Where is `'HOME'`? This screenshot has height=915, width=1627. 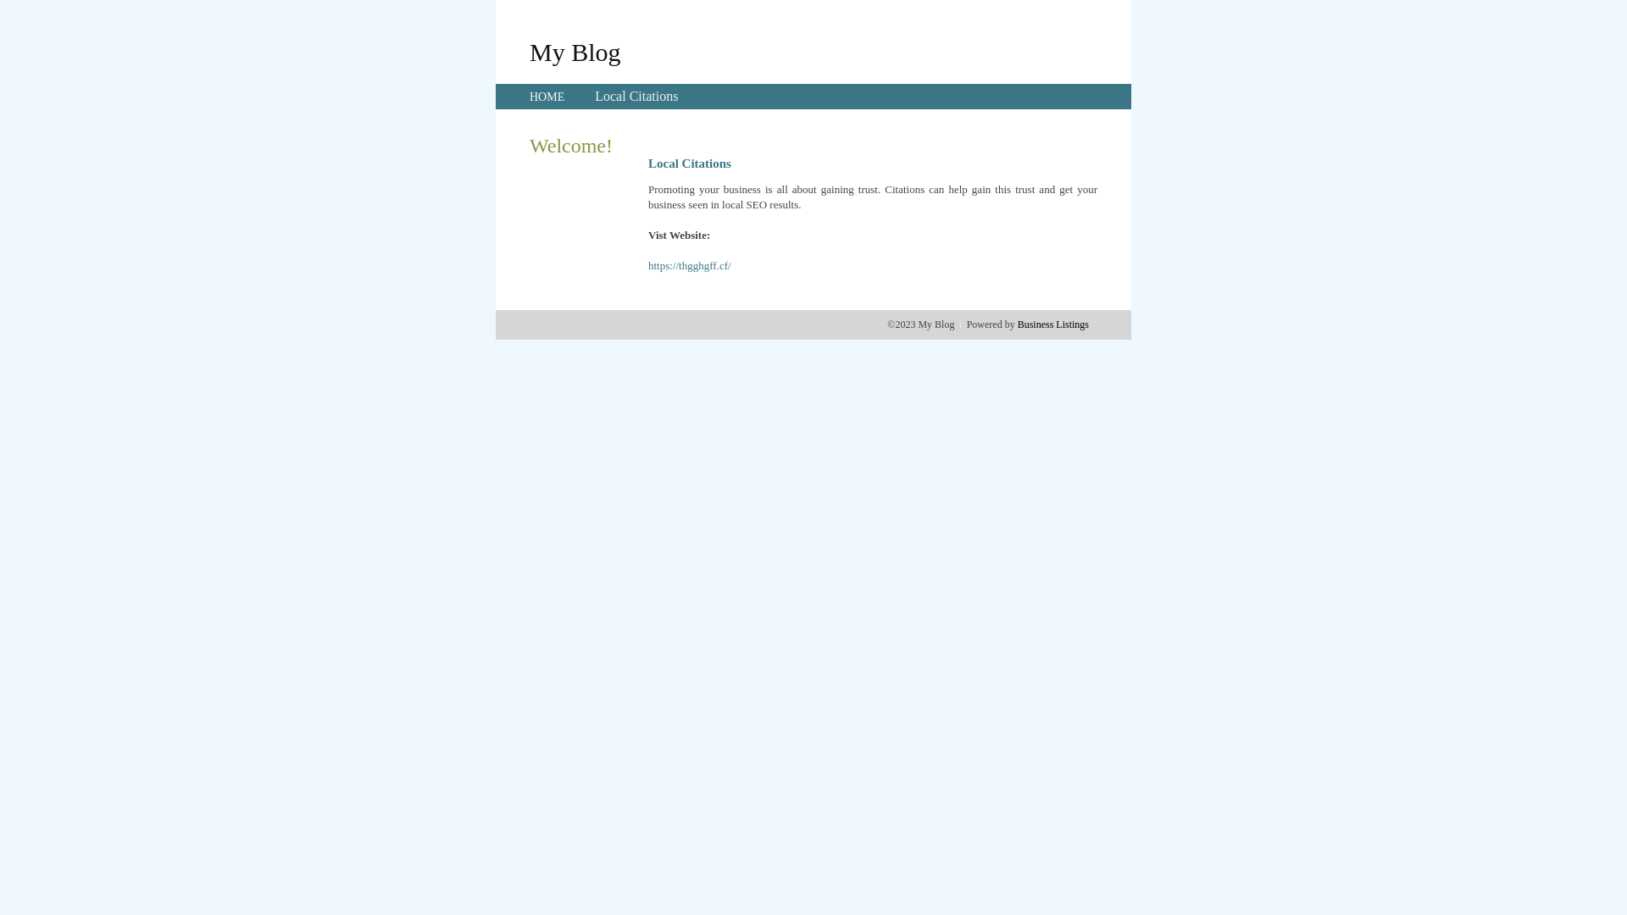
'HOME' is located at coordinates (547, 97).